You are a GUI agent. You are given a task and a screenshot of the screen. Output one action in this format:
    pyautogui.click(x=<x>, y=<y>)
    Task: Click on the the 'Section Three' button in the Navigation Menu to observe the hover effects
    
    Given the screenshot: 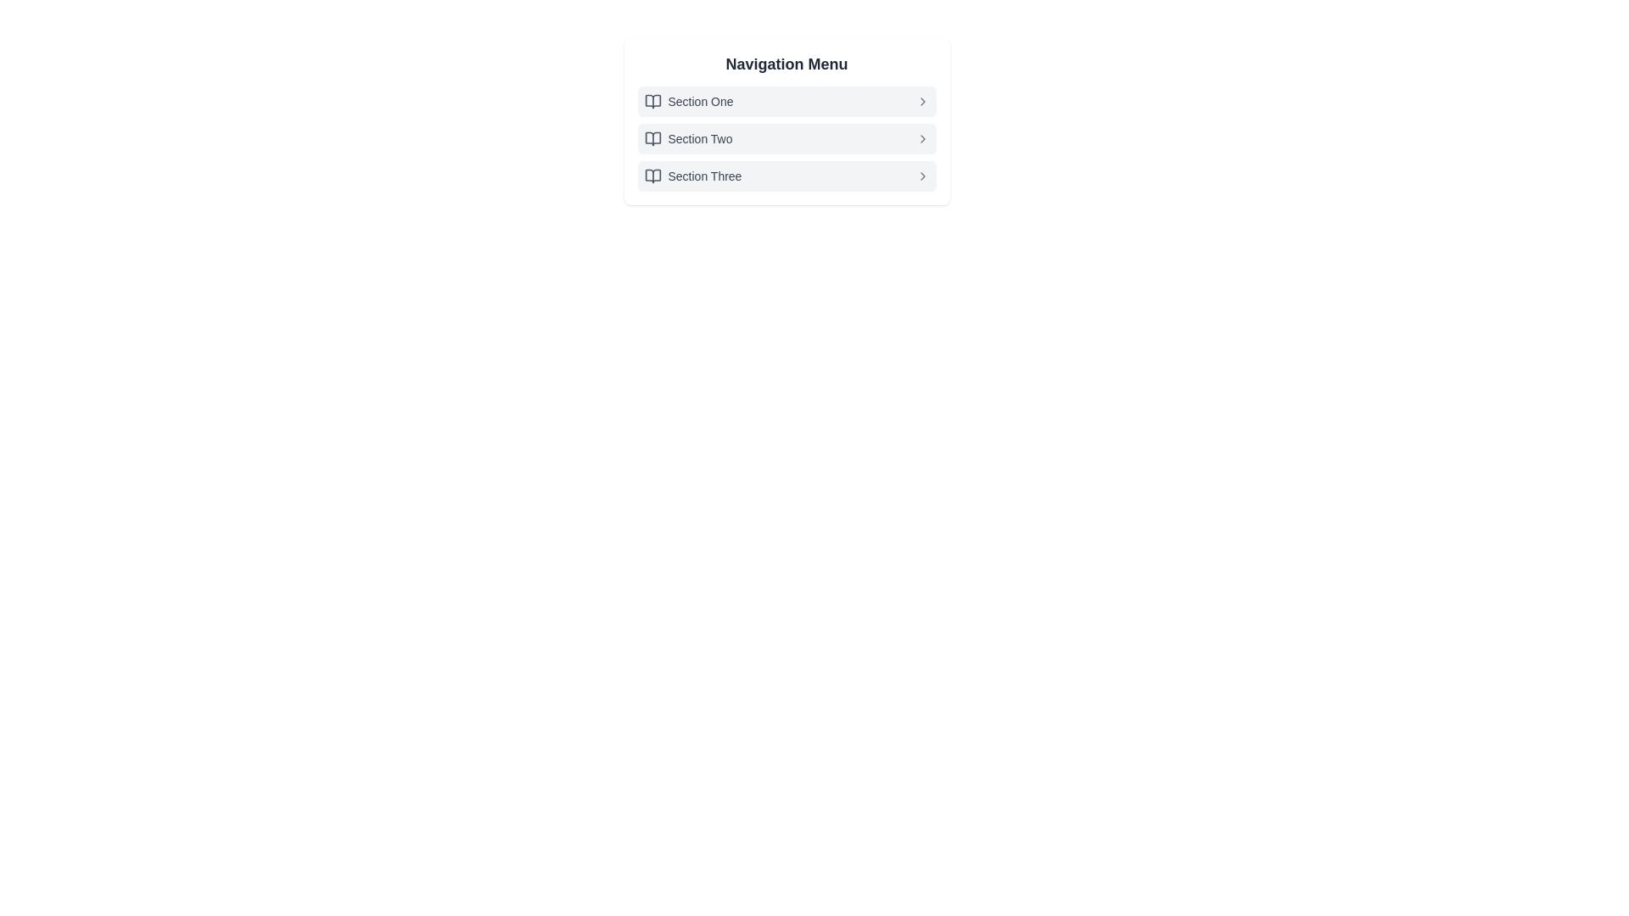 What is the action you would take?
    pyautogui.click(x=786, y=176)
    